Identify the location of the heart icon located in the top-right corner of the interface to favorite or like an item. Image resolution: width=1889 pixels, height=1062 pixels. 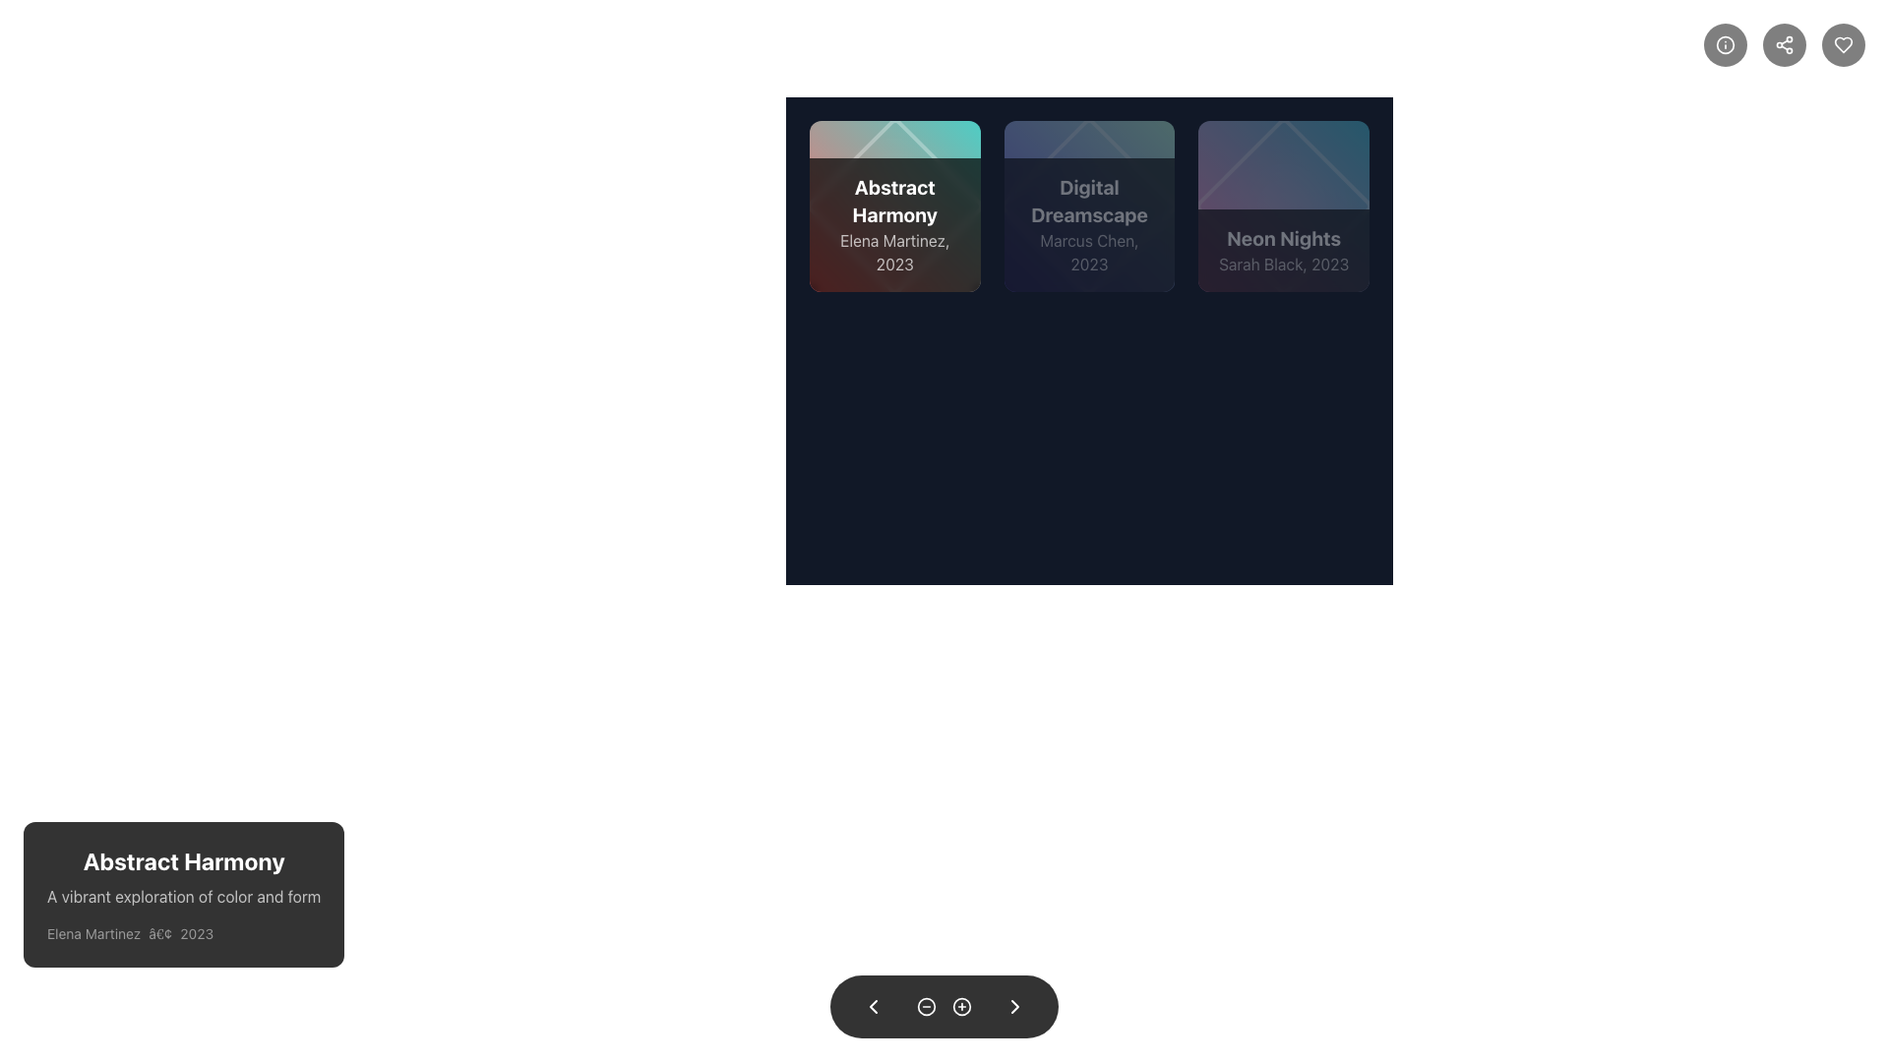
(1842, 44).